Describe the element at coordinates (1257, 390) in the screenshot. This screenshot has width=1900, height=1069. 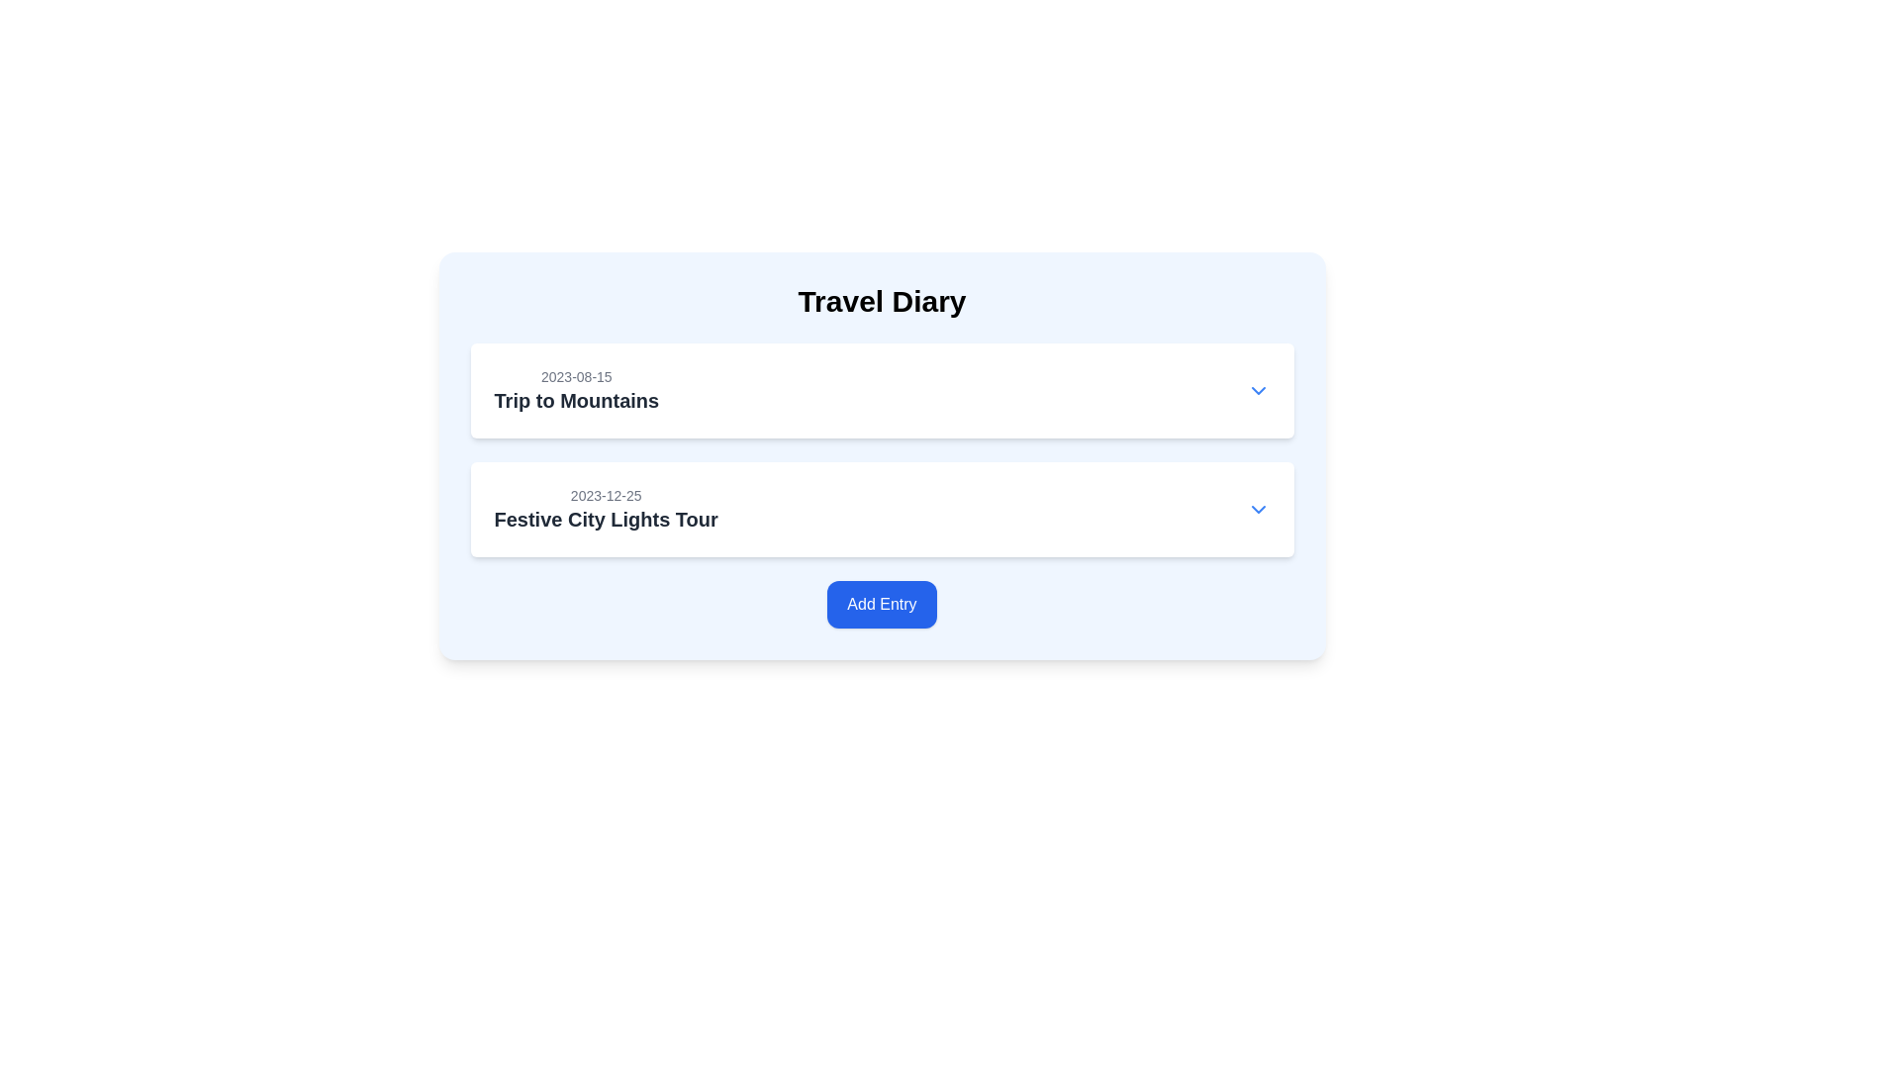
I see `the blue downward-pointing chevron icon in the top-right corner of the first trip entry titled 'Trip to Mountains' to observe the color change` at that location.